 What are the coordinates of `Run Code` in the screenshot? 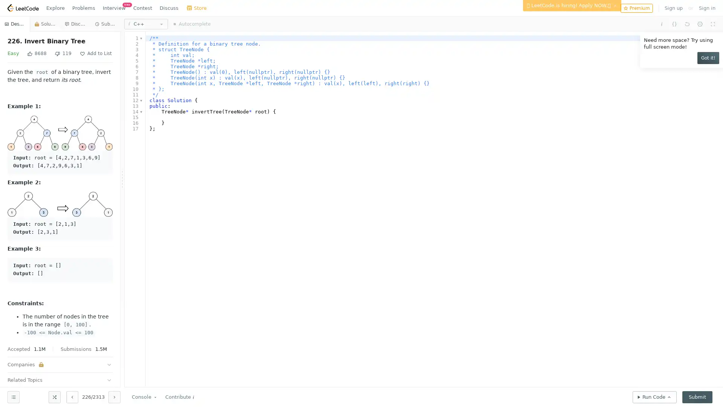 It's located at (654, 396).